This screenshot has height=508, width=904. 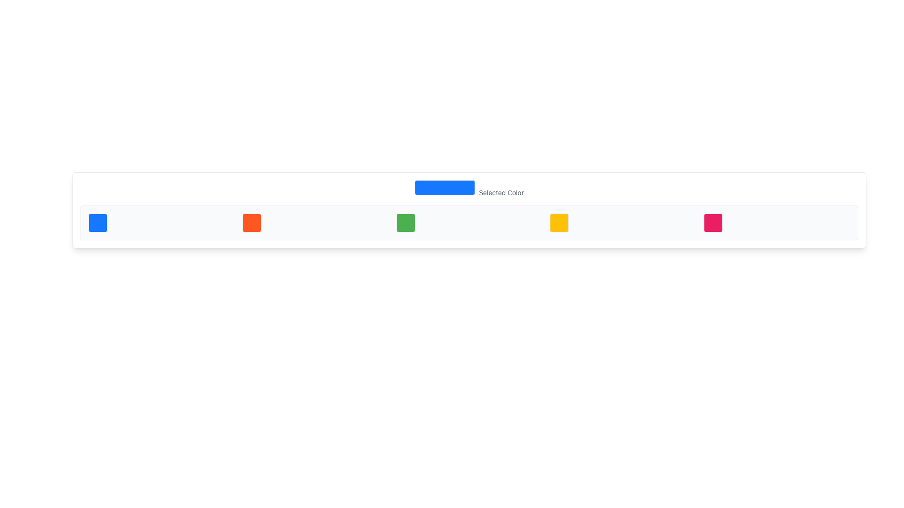 What do you see at coordinates (713, 223) in the screenshot?
I see `the color selection button that represents the vibrant pink color, located as the fifth square in a row of five squares beneath the larger blue square labeled 'Selected Color'` at bounding box center [713, 223].